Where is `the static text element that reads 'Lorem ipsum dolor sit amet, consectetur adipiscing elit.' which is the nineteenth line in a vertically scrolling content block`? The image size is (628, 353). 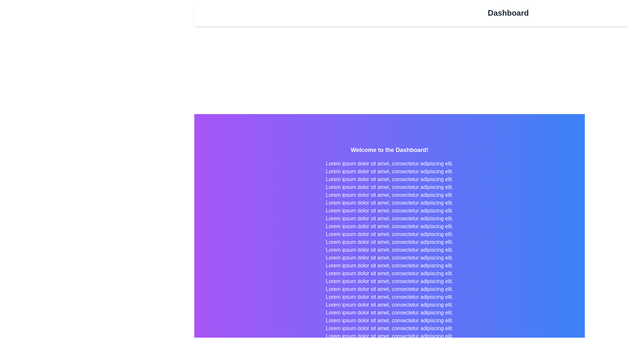
the static text element that reads 'Lorem ipsum dolor sit amet, consectetur adipiscing elit.' which is the nineteenth line in a vertically scrolling content block is located at coordinates (389, 297).